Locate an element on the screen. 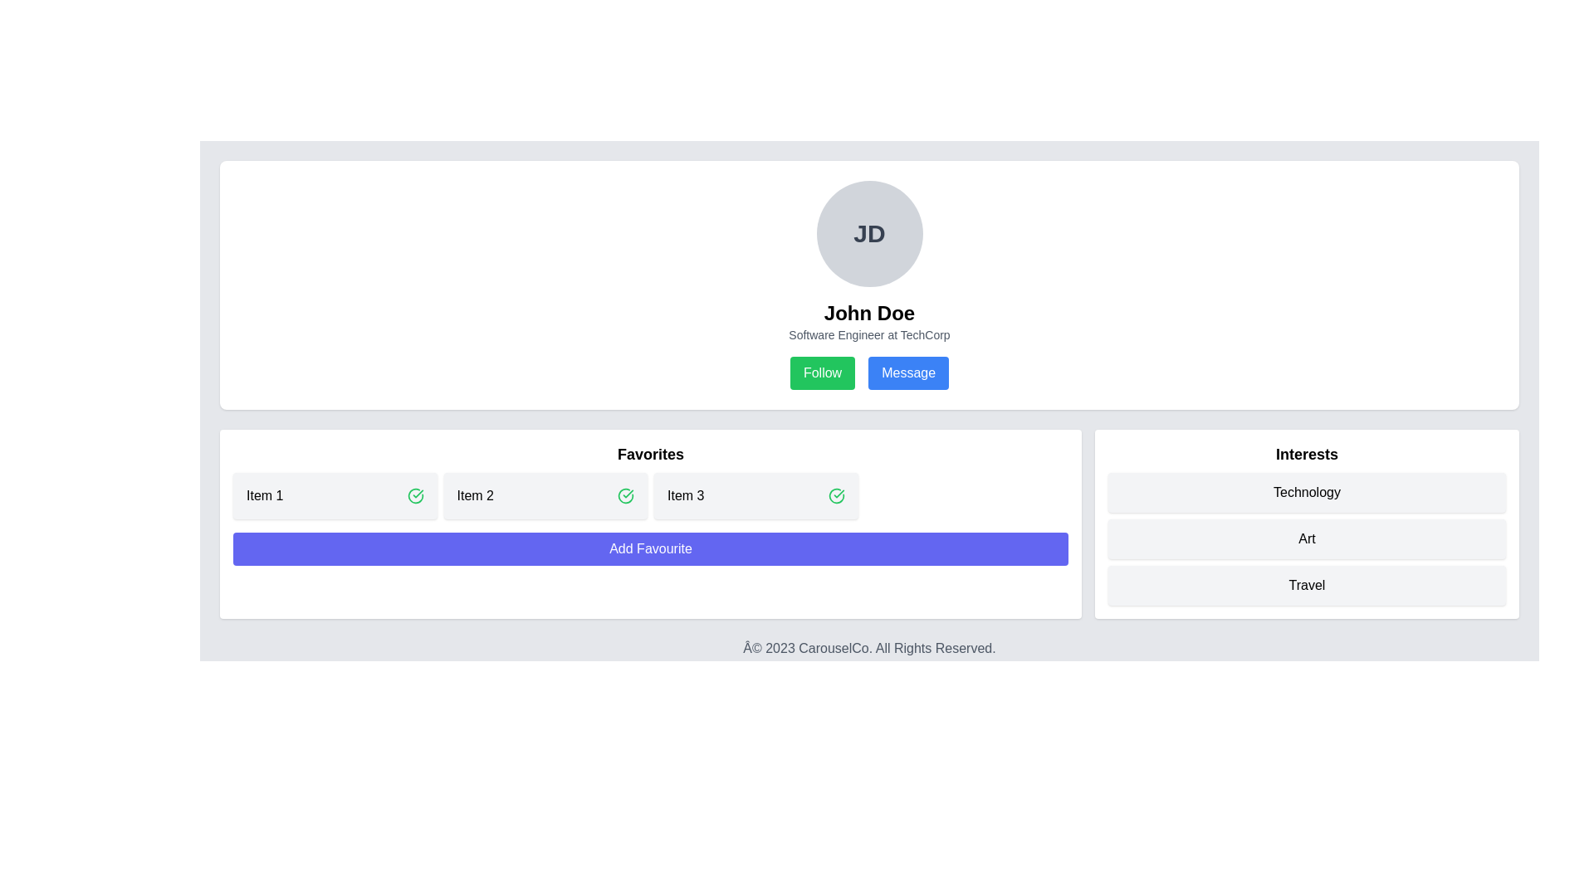  the text label displaying 'Software Engineer at TechCorp', which is located beneath the user's name 'John Doe' is located at coordinates (868, 335).